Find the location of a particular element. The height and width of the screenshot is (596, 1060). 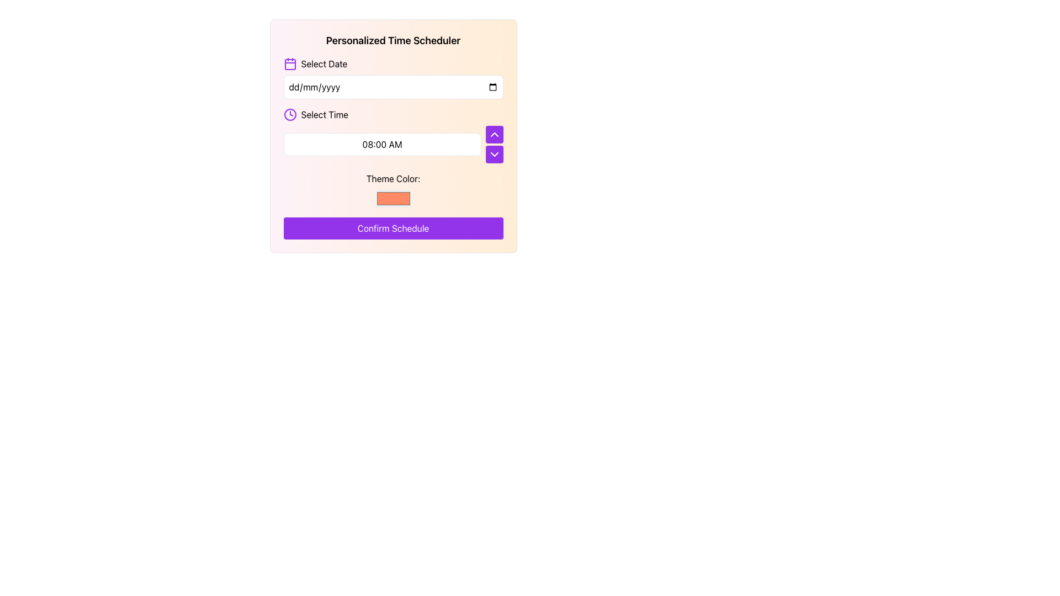

the chevron icon located at the bottom right of the 'Select Time' section is located at coordinates (494, 155).